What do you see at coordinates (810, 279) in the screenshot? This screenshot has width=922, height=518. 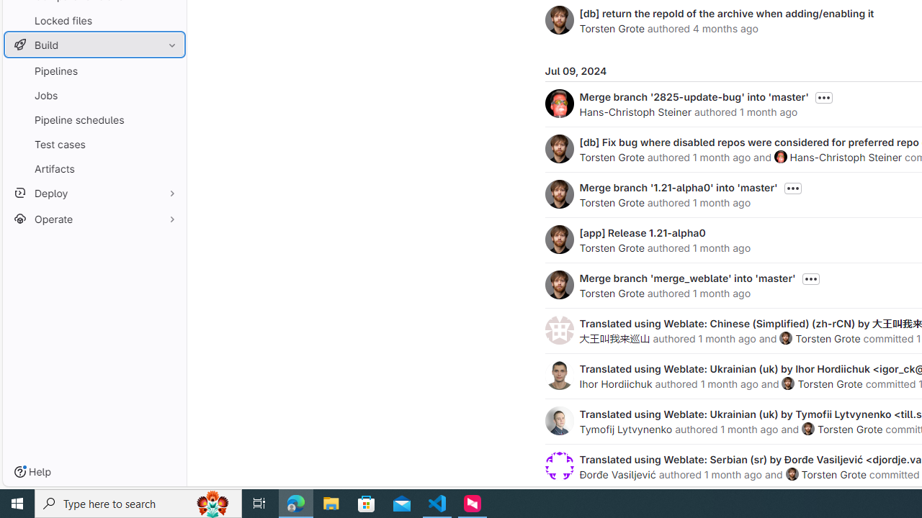 I see `'Toggle commit description'` at bounding box center [810, 279].